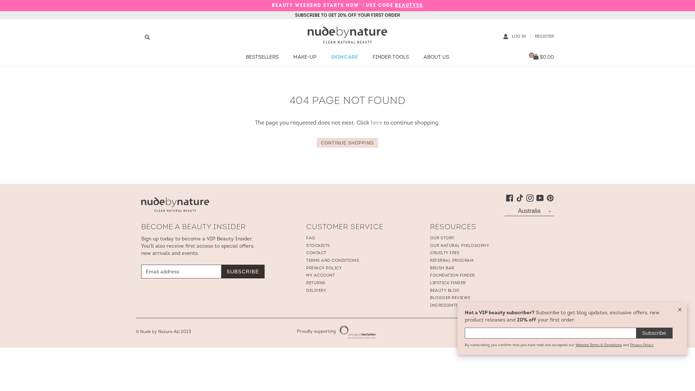 The height and width of the screenshot is (391, 695). I want to click on 'BLOGGER REVIEWS', so click(450, 298).